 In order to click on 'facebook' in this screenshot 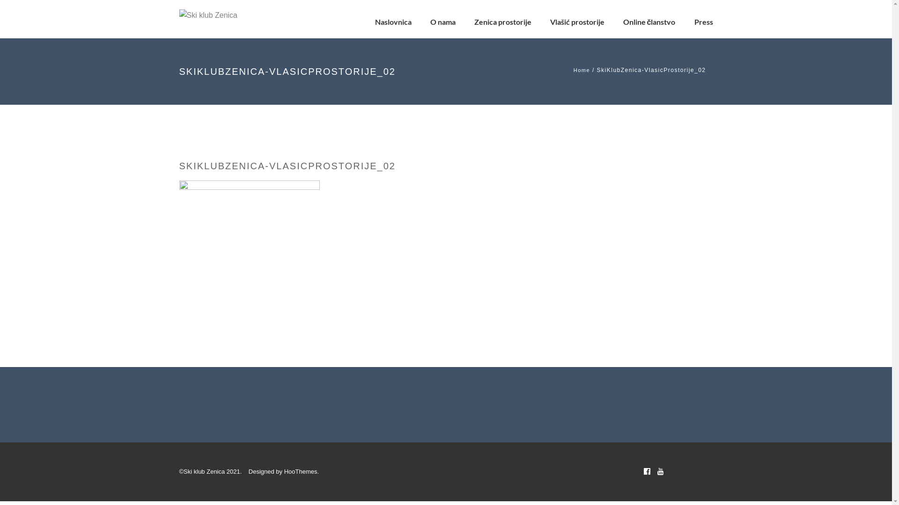, I will do `click(646, 471)`.